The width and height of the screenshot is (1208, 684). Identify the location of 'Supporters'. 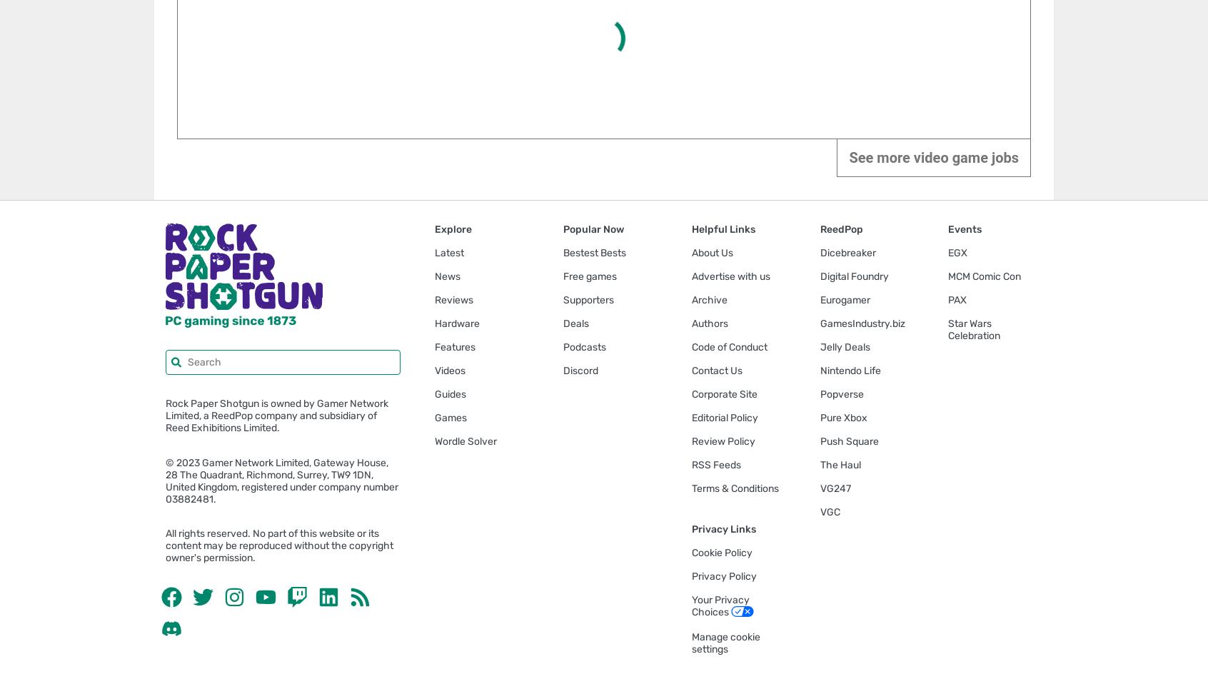
(588, 299).